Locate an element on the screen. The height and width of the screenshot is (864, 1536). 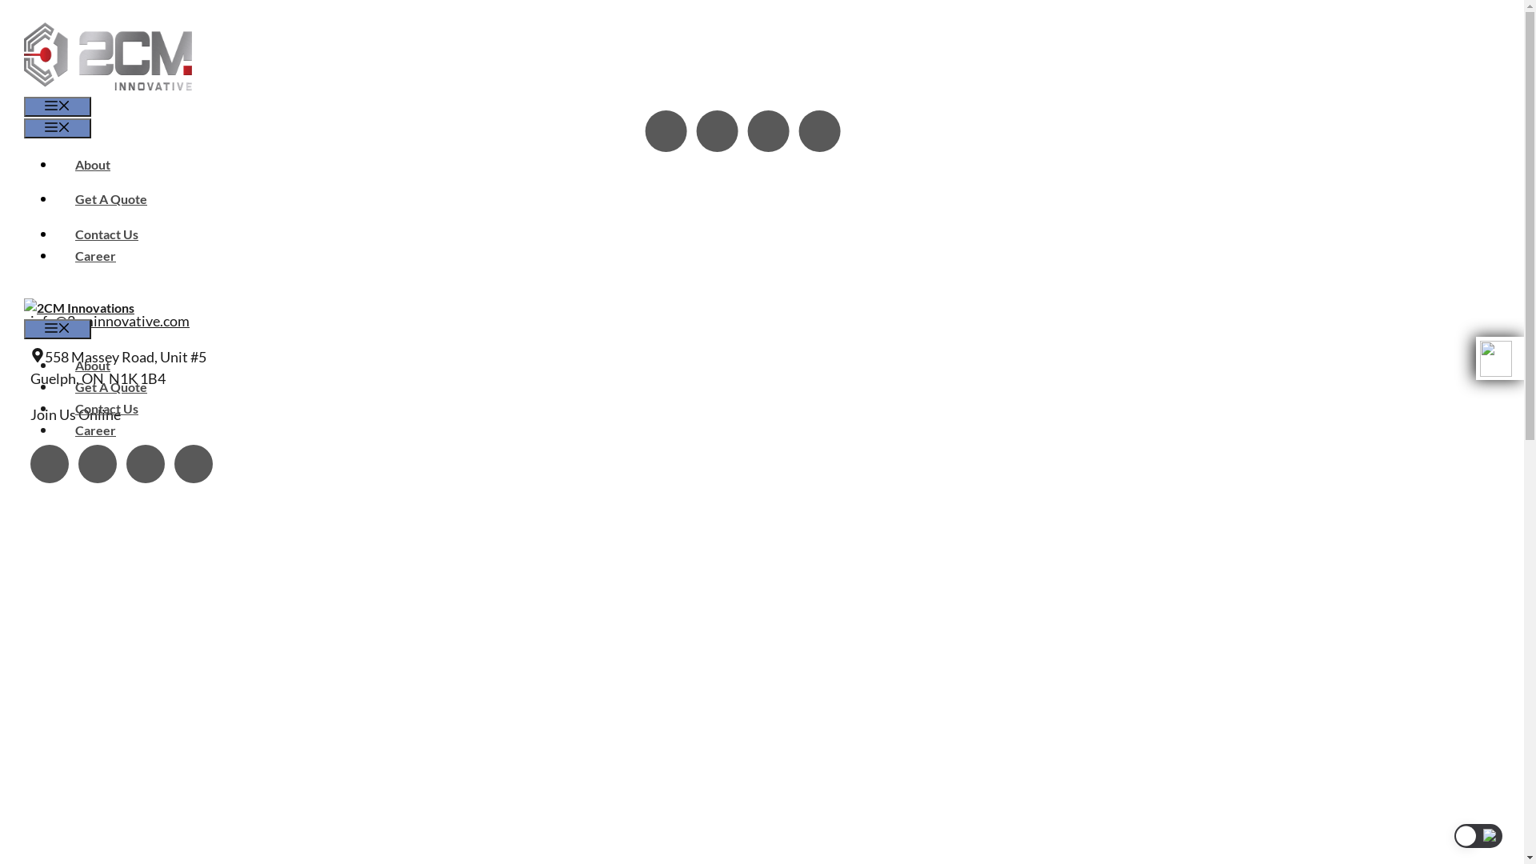
'Get A Quote' is located at coordinates (110, 386).